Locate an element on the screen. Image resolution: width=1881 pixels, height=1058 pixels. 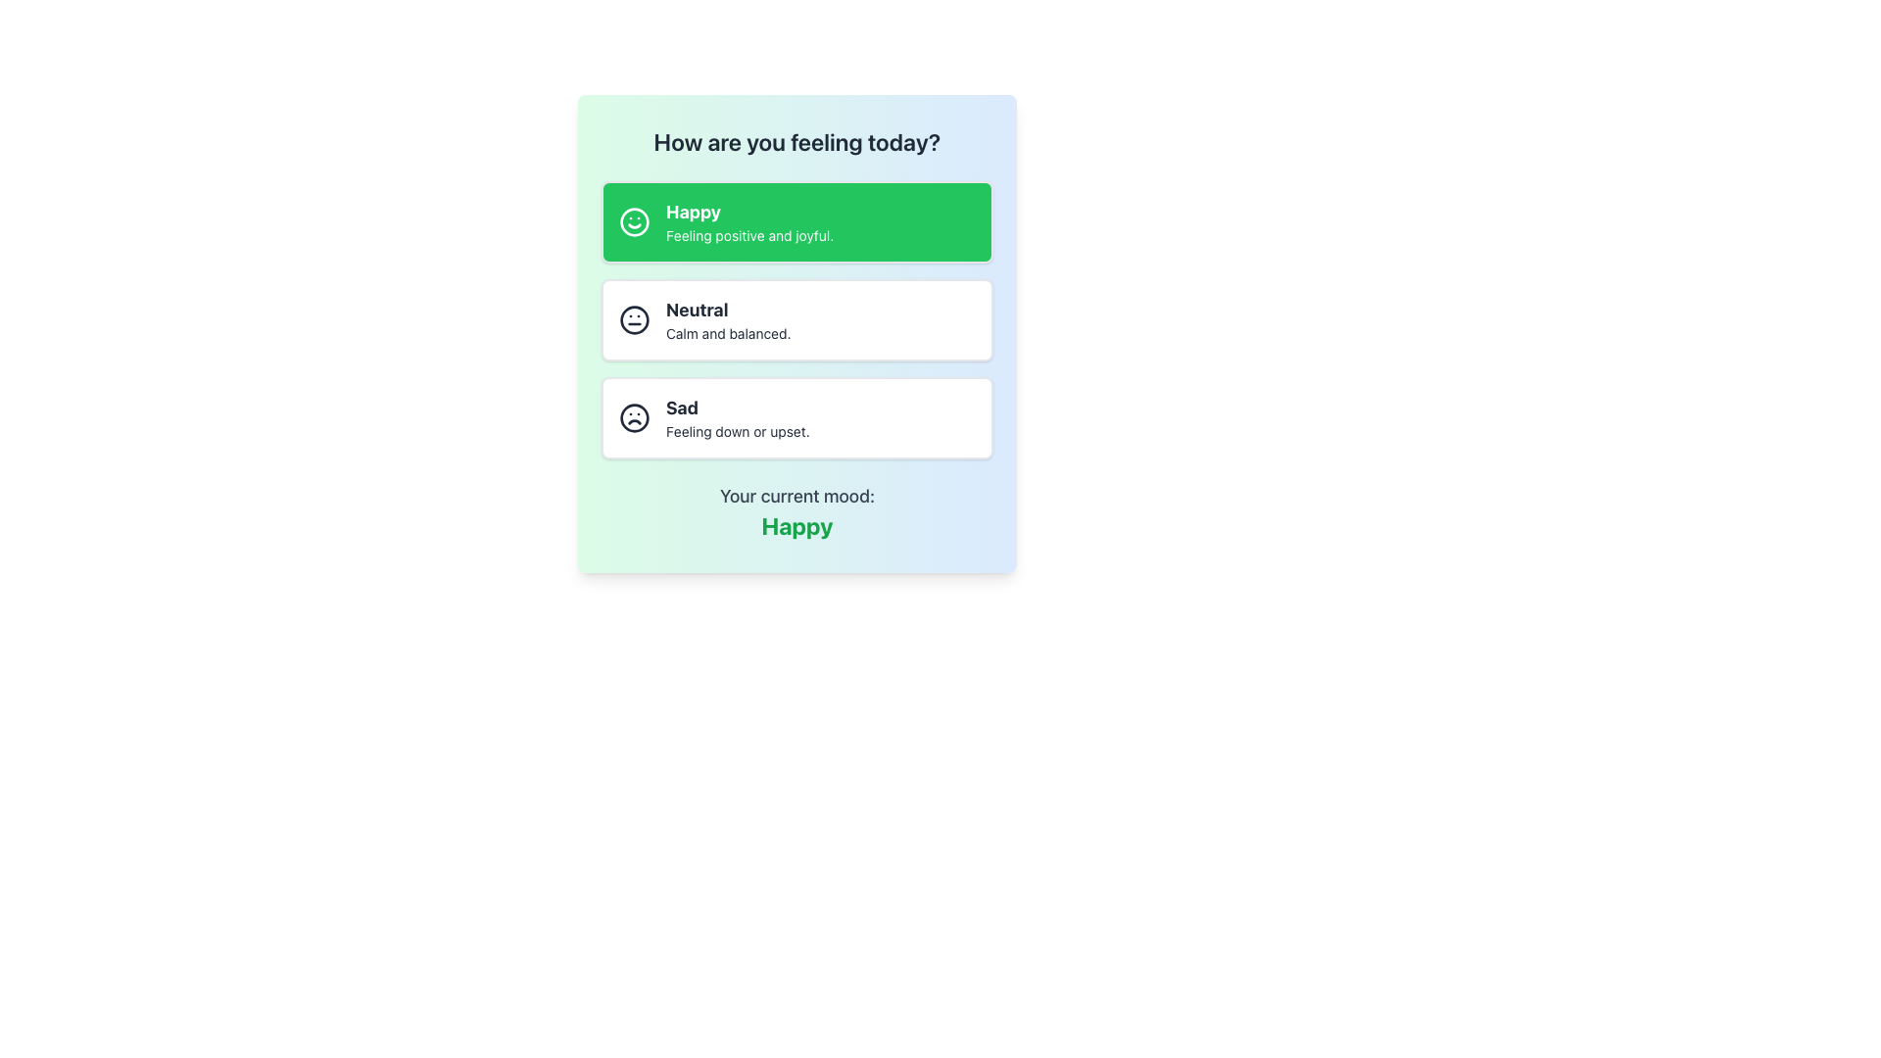
the 'Sad' button, which is the third option in the mood choices list is located at coordinates (797, 417).